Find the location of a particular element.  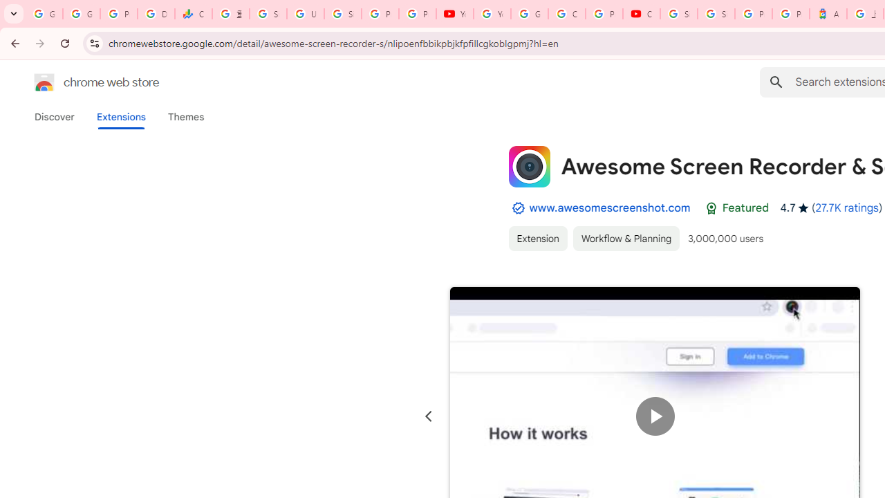

'Chrome Web Store logo' is located at coordinates (44, 82).